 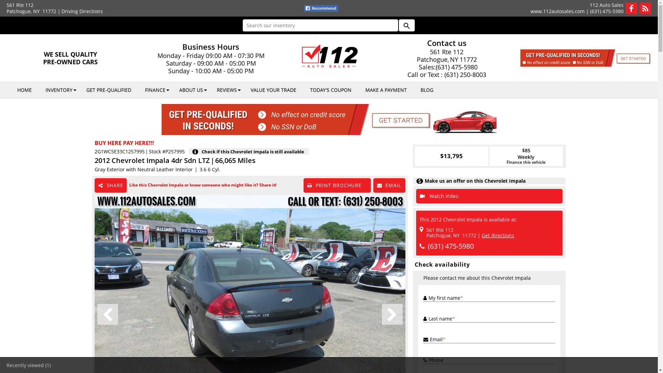 What do you see at coordinates (110, 185) in the screenshot?
I see `'SHARE'` at bounding box center [110, 185].